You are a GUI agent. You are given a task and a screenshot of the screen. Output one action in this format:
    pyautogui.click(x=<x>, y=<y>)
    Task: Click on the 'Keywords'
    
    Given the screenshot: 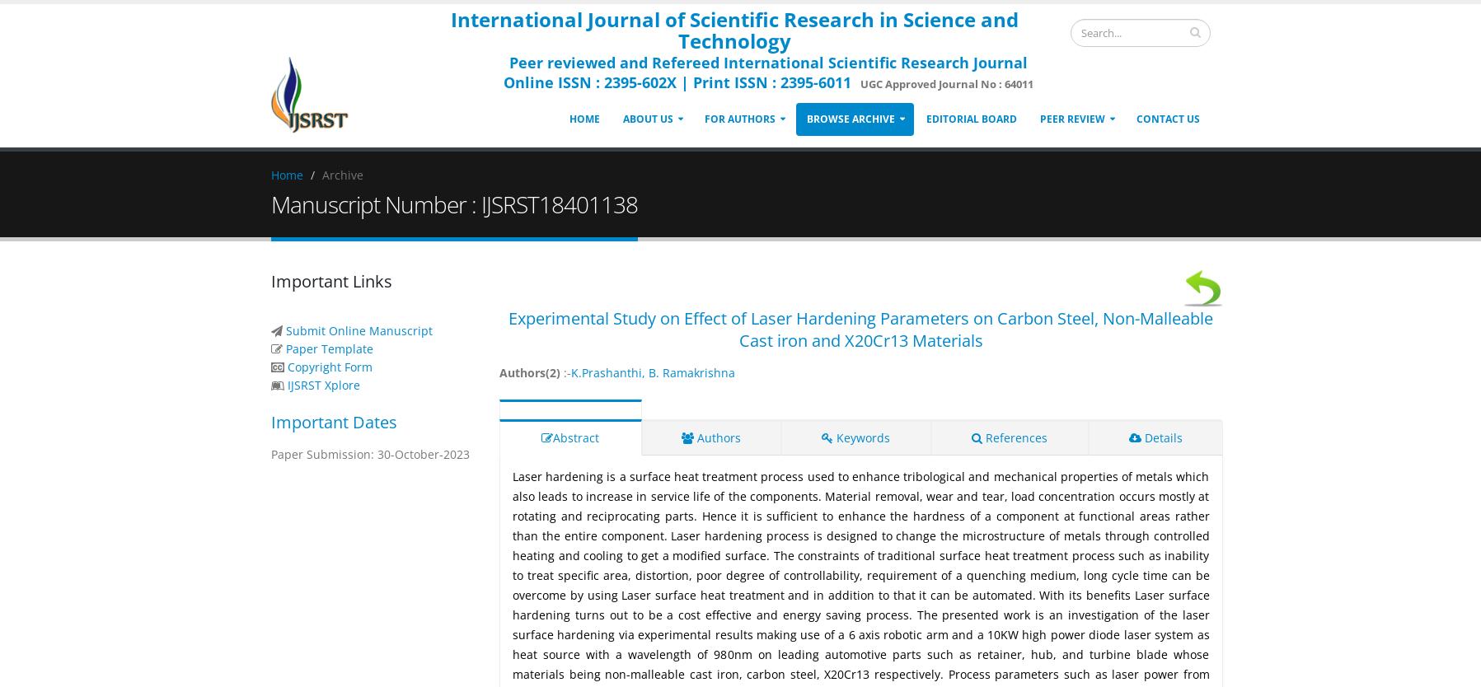 What is the action you would take?
    pyautogui.click(x=861, y=437)
    